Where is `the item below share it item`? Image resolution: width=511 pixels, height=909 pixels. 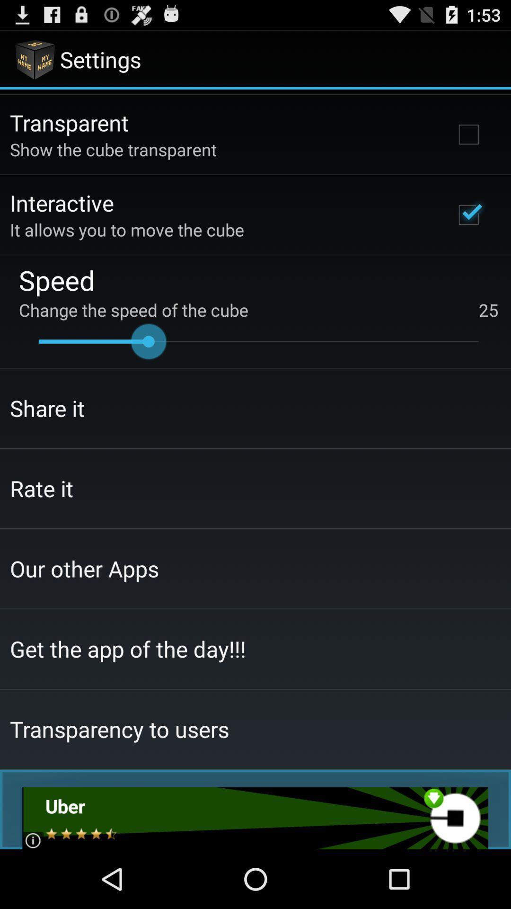 the item below share it item is located at coordinates (41, 488).